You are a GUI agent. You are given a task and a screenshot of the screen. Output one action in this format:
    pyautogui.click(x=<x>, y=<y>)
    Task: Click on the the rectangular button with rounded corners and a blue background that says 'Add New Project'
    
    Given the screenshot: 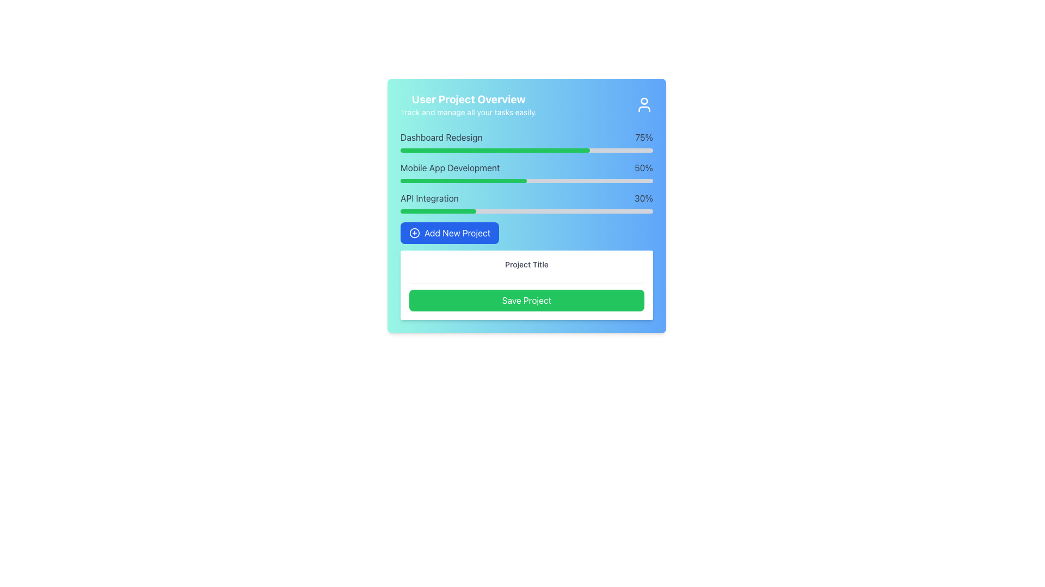 What is the action you would take?
    pyautogui.click(x=450, y=232)
    